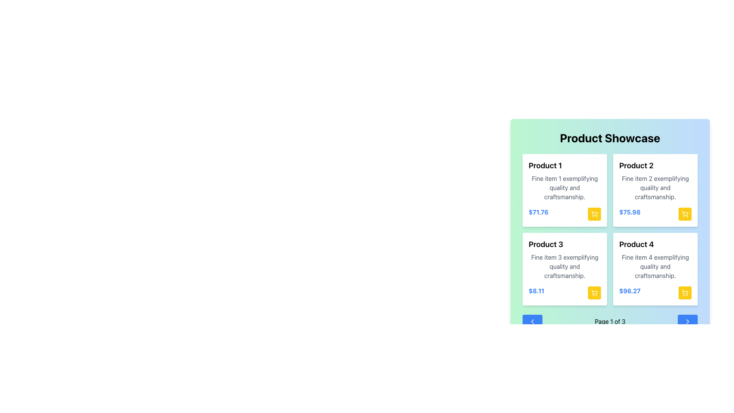 The width and height of the screenshot is (734, 413). Describe the element at coordinates (594, 293) in the screenshot. I see `the icon located within the yellow button under the Product 3 card` at that location.